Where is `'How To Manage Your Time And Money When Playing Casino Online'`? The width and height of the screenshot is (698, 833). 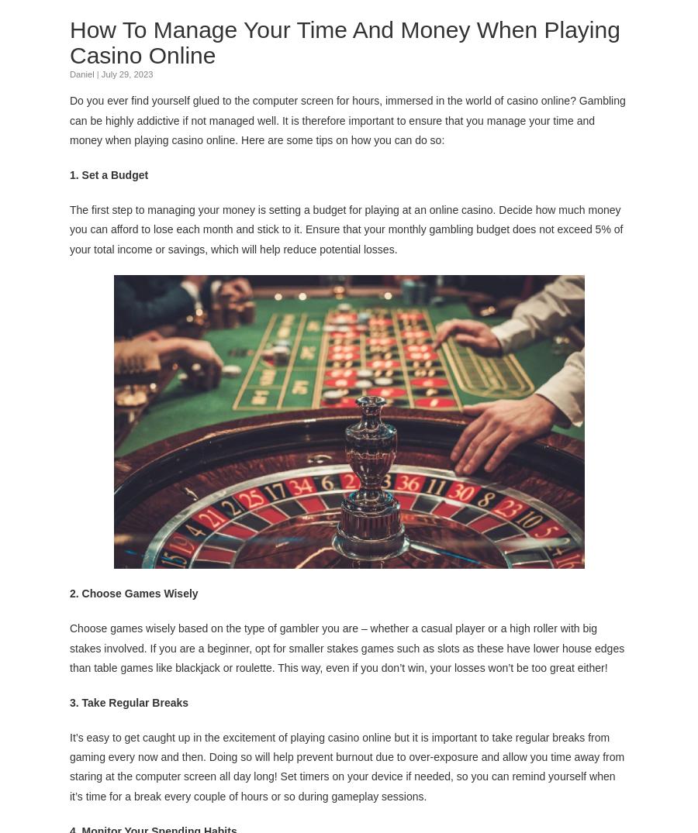
'How To Manage Your Time And Money When Playing Casino Online' is located at coordinates (344, 41).